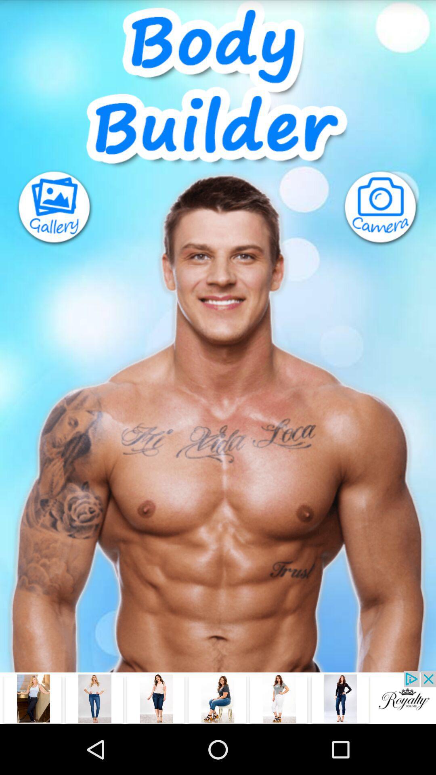  What do you see at coordinates (47, 208) in the screenshot?
I see `enter gallery` at bounding box center [47, 208].